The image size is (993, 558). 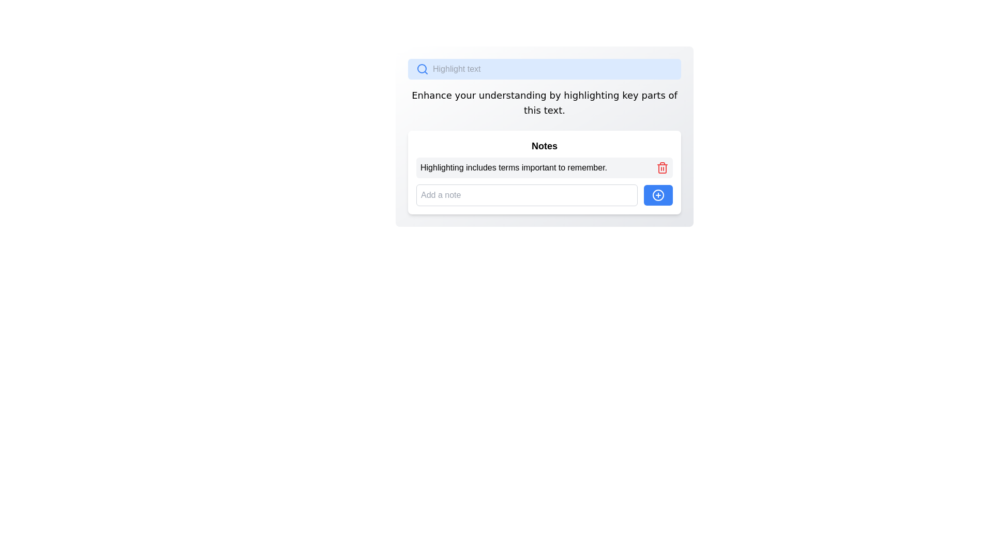 What do you see at coordinates (635, 95) in the screenshot?
I see `the character 'y' at the end of the word 'key' in the phrase 'highlighting key parts of this text.'` at bounding box center [635, 95].